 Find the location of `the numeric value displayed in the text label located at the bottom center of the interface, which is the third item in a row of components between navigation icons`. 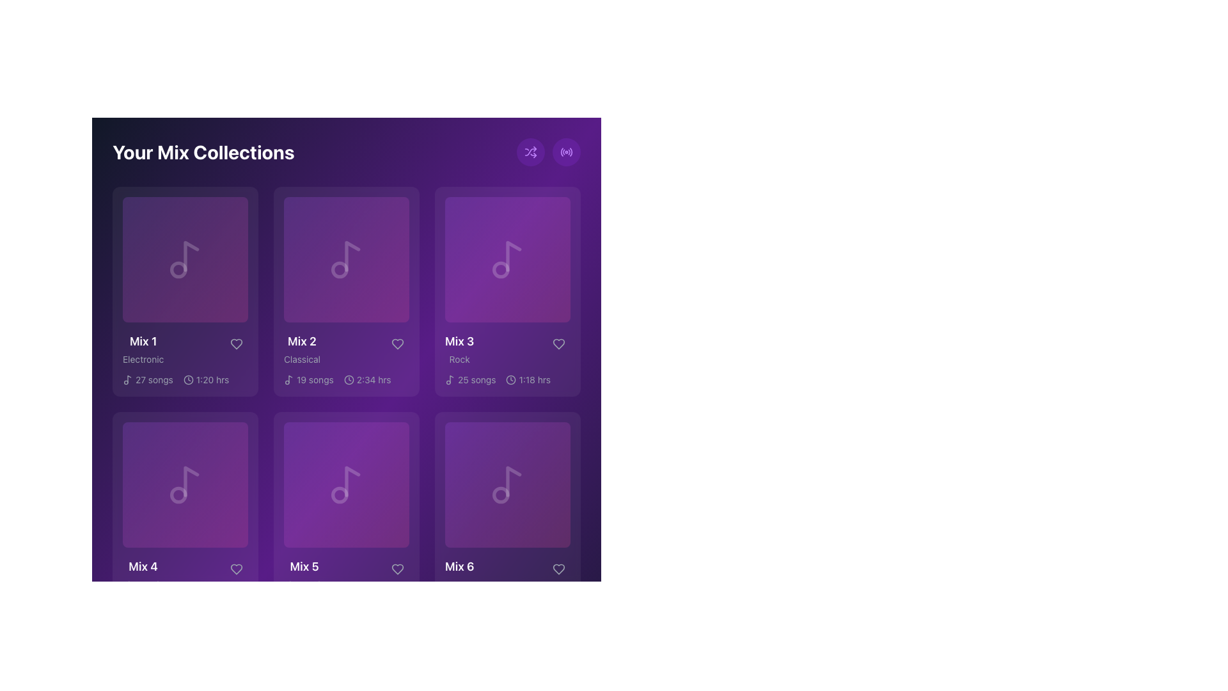

the numeric value displayed in the text label located at the bottom center of the interface, which is the third item in a row of components between navigation icons is located at coordinates (347, 655).